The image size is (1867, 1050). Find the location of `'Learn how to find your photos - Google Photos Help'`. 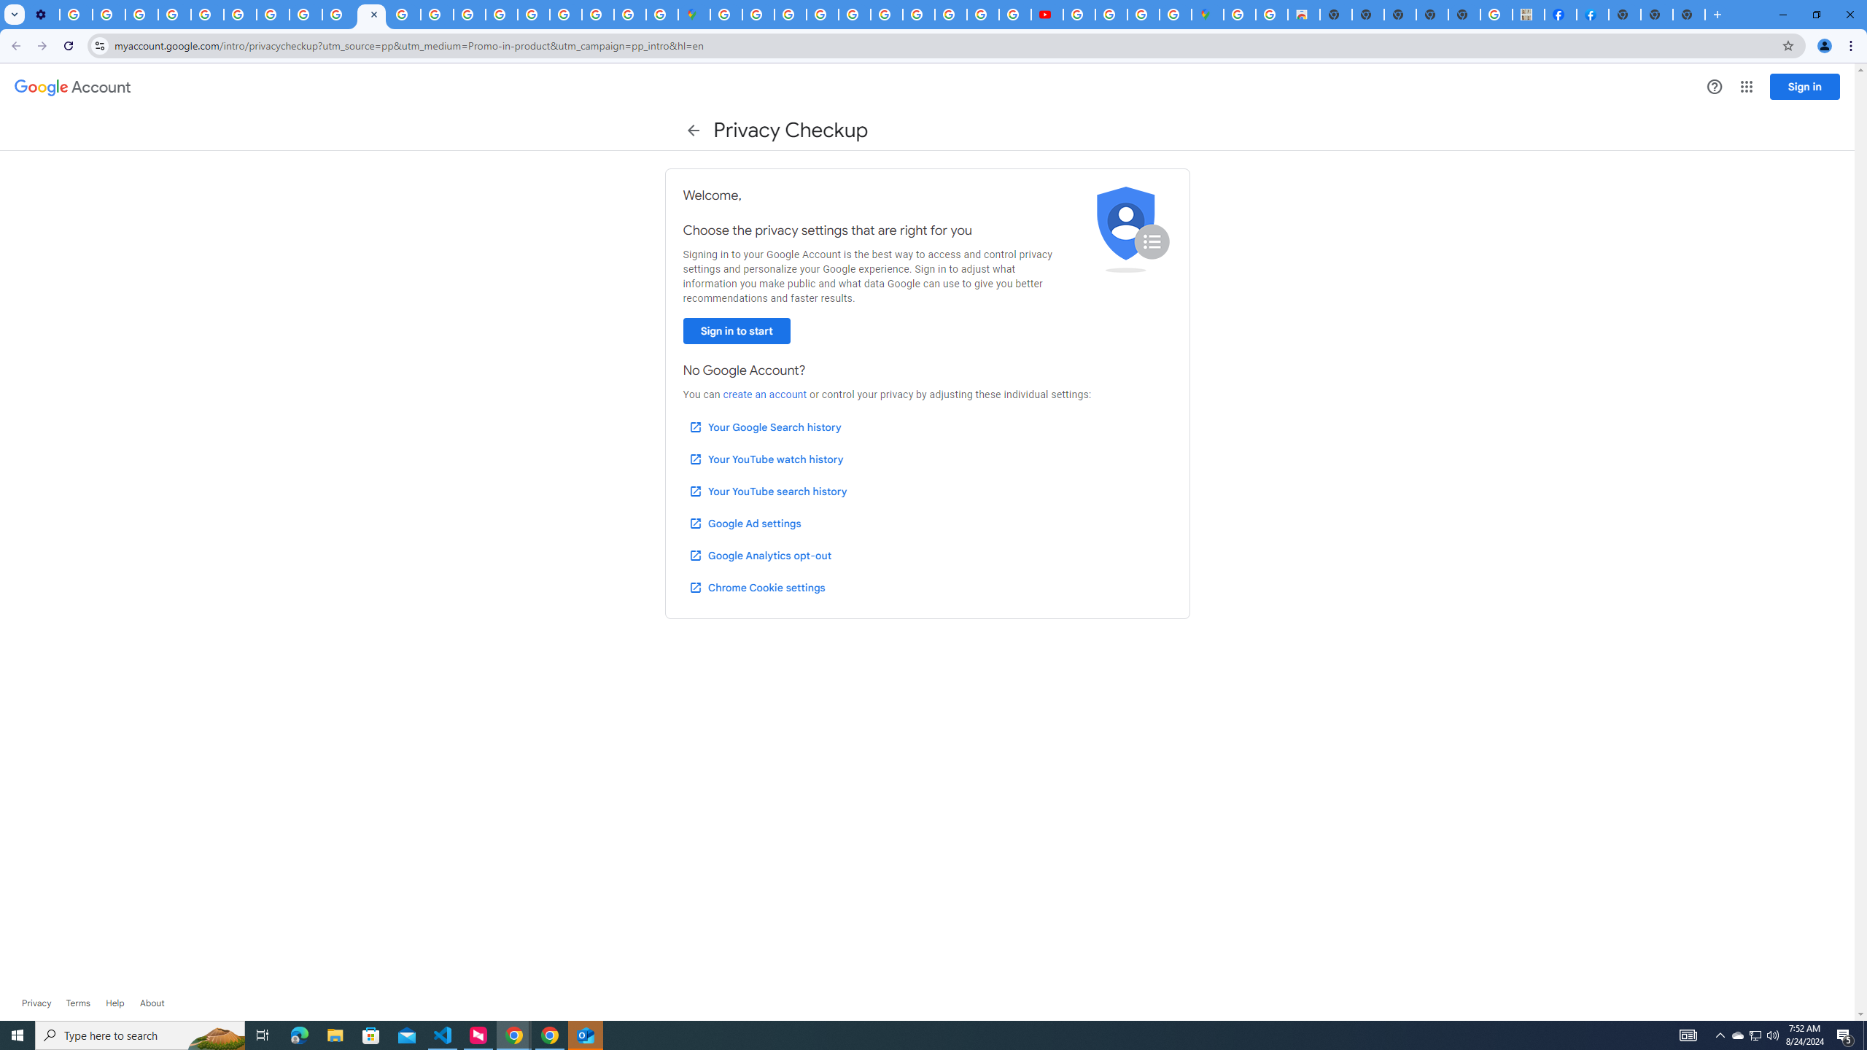

'Learn how to find your photos - Google Photos Help' is located at coordinates (108, 14).